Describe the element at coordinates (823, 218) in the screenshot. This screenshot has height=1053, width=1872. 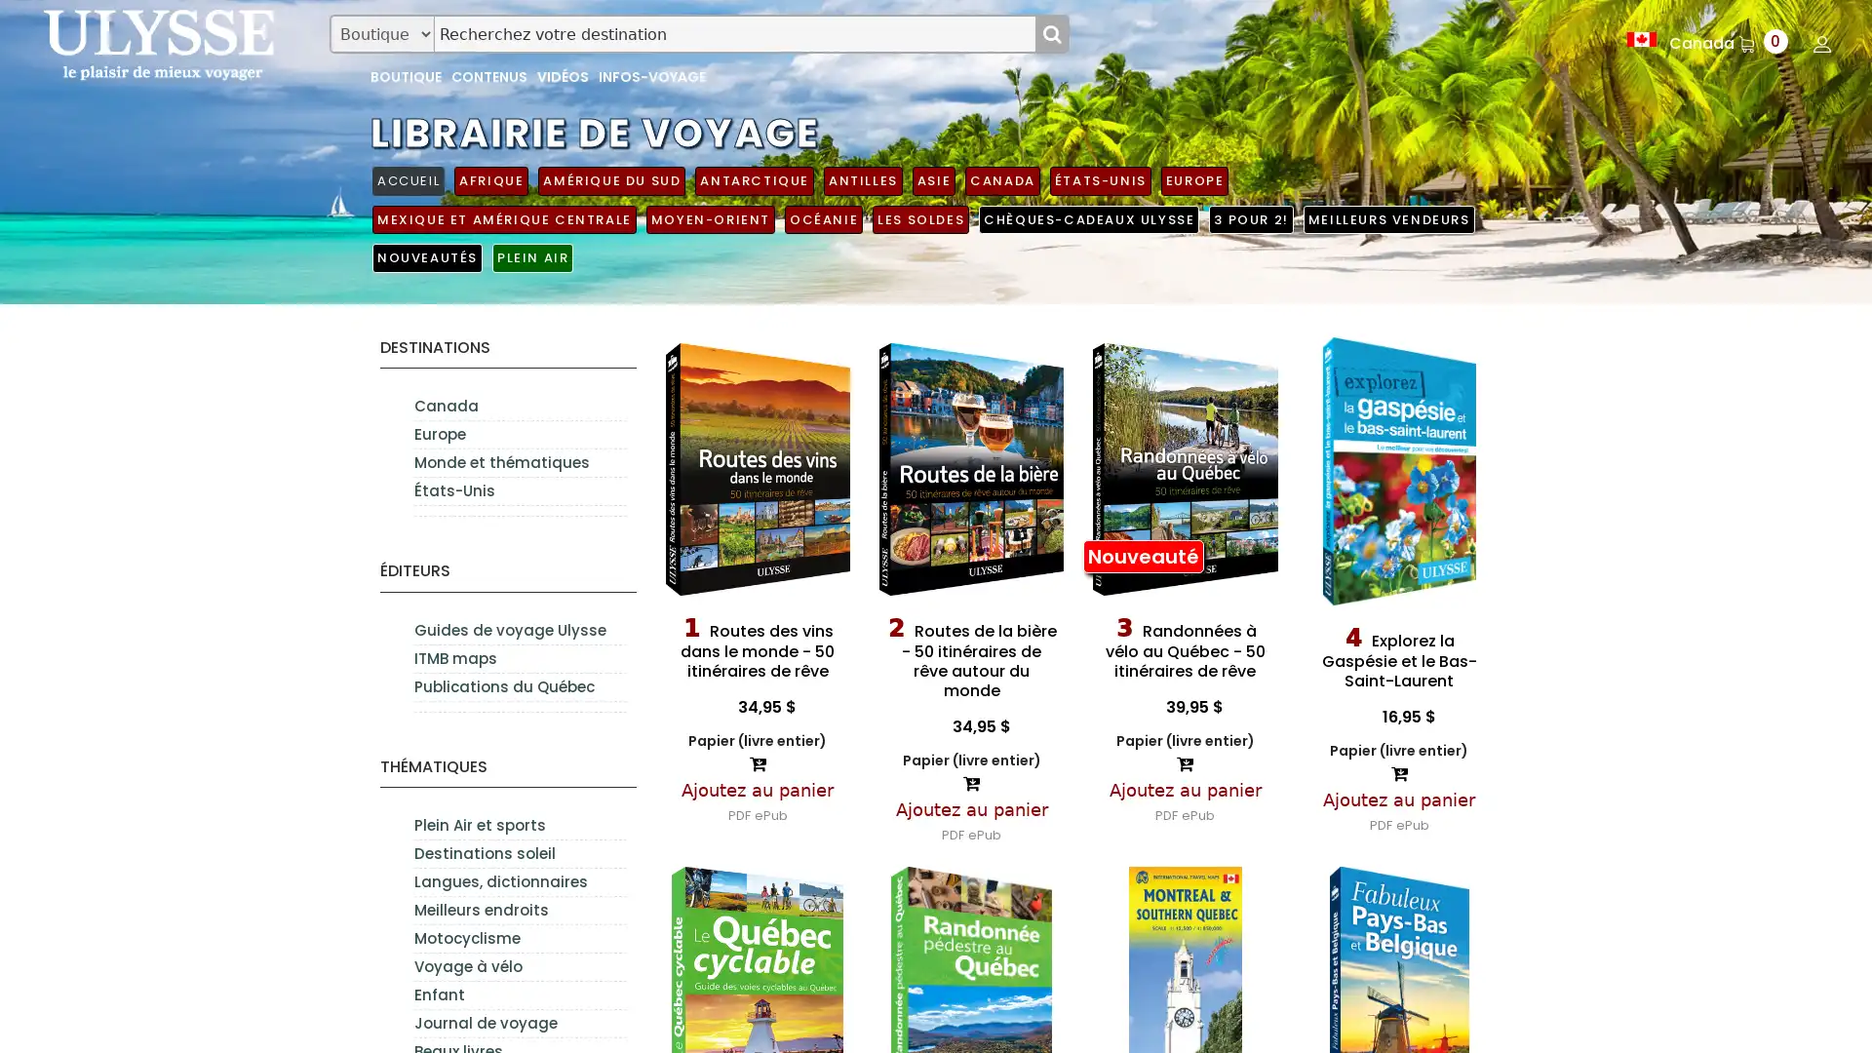
I see `OCEANIE` at that location.